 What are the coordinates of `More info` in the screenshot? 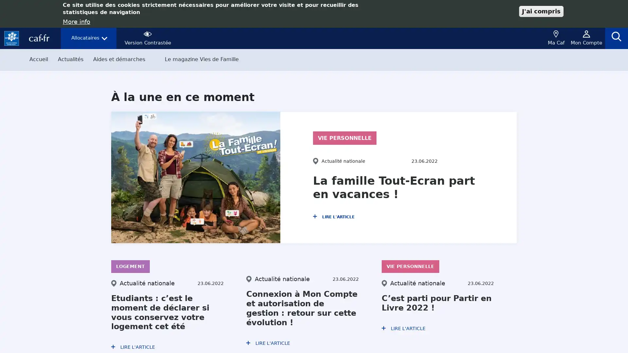 It's located at (77, 21).